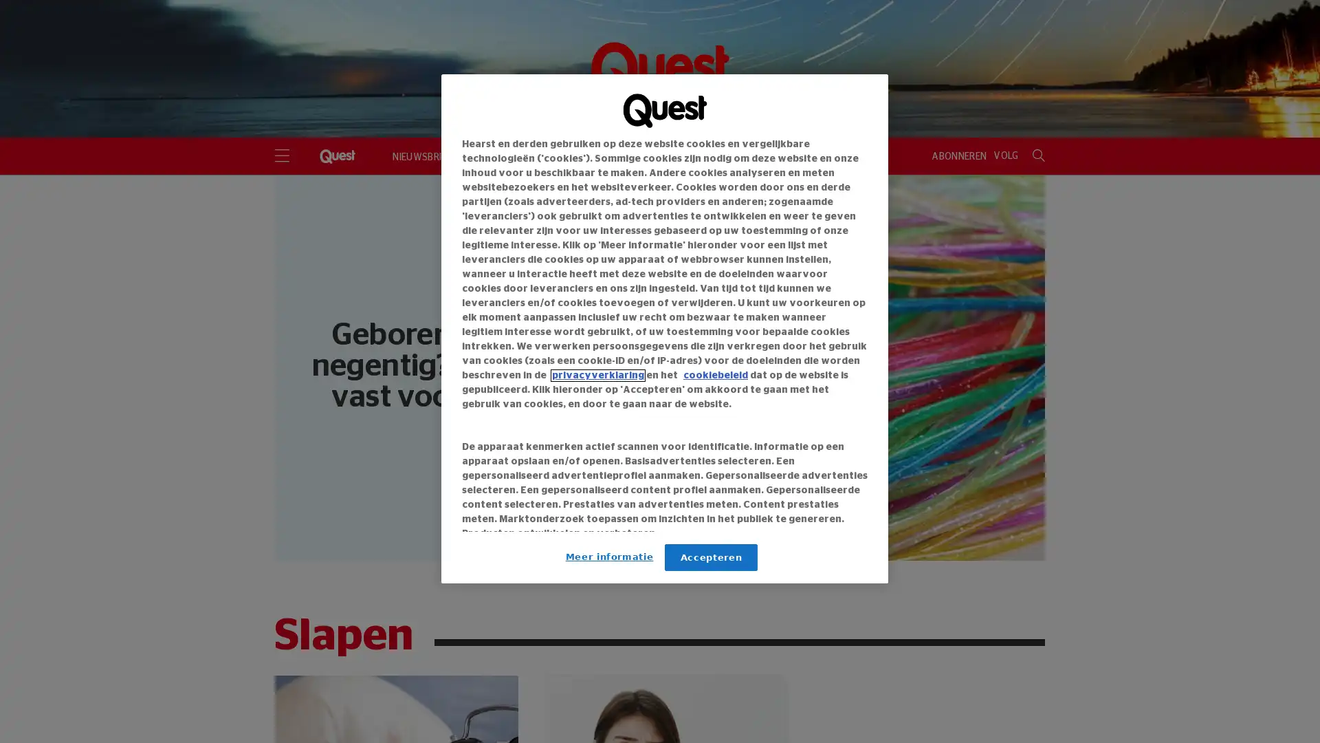 This screenshot has width=1320, height=743. I want to click on Link naar IAB leveranciers, so click(527, 549).